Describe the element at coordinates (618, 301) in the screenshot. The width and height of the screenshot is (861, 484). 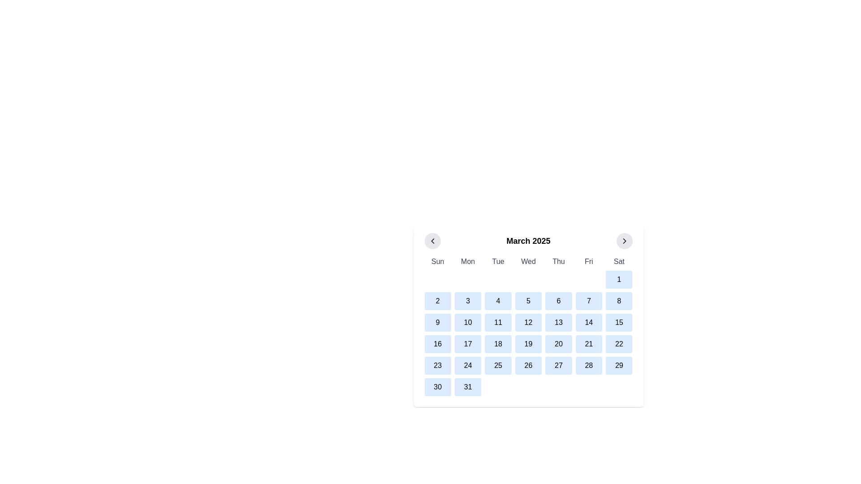
I see `the rounded rectangular button with a blue background and the text '8'` at that location.